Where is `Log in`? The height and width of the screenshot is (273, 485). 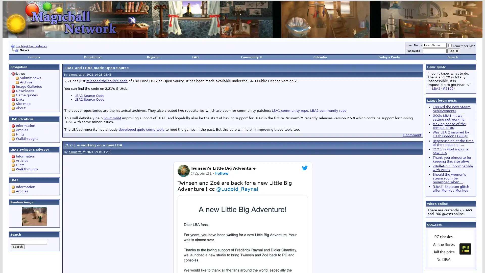
Log in is located at coordinates (453, 51).